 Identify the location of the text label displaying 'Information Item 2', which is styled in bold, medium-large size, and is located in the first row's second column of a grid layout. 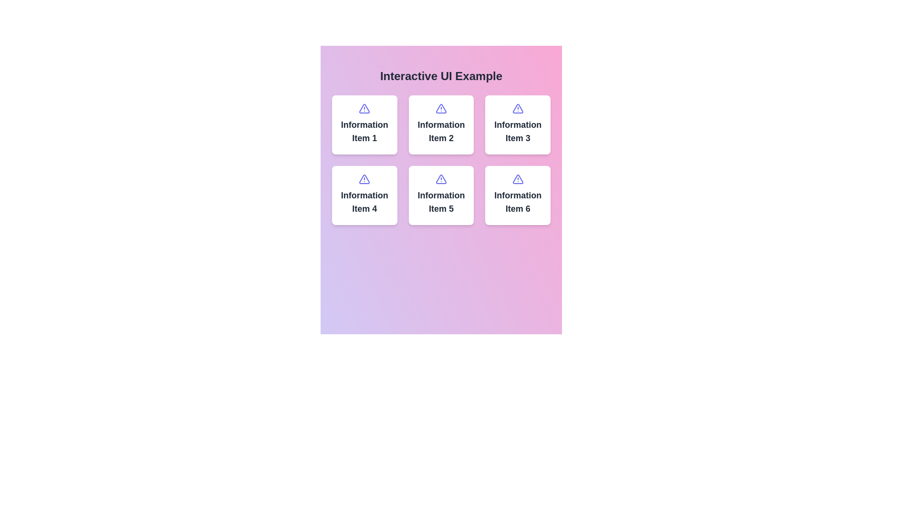
(441, 132).